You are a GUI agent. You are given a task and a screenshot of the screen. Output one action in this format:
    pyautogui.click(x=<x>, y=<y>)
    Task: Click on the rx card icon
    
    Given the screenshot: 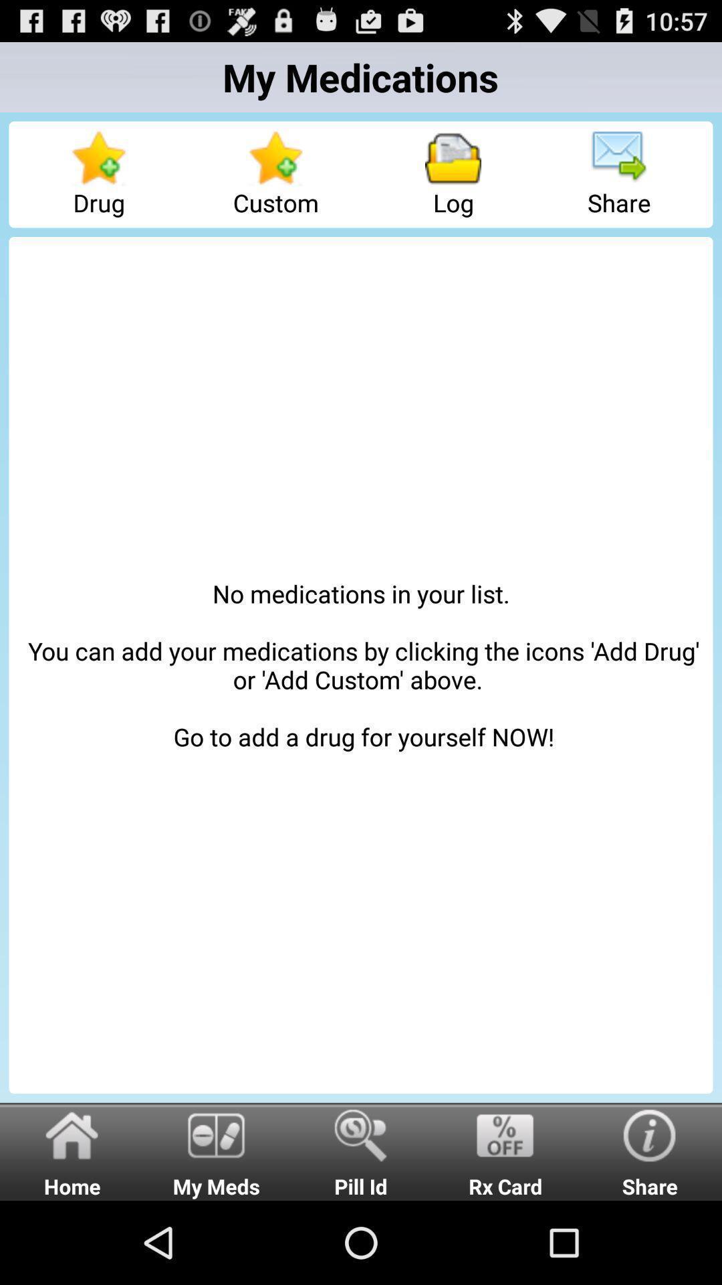 What is the action you would take?
    pyautogui.click(x=505, y=1150)
    